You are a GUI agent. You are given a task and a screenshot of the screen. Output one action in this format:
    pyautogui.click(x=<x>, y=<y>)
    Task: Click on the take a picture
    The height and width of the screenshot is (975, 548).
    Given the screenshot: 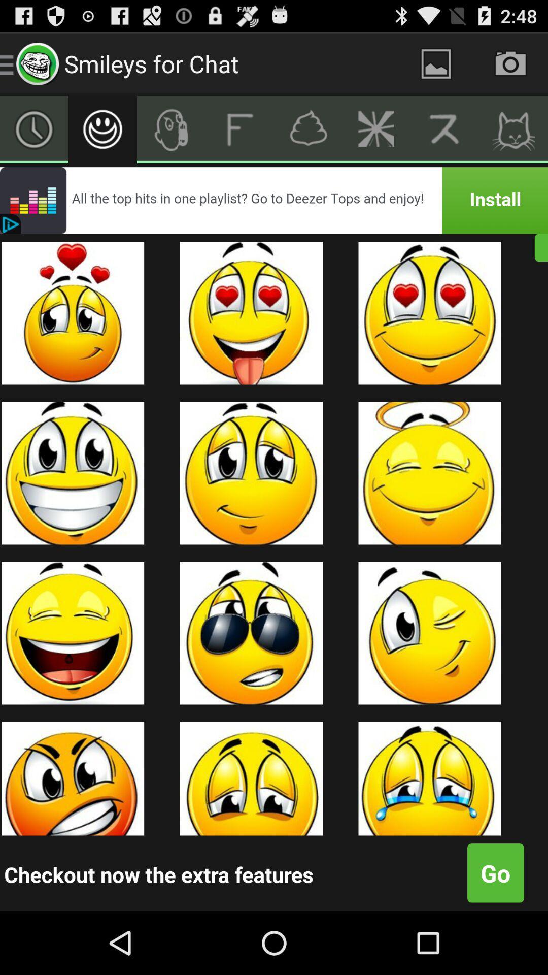 What is the action you would take?
    pyautogui.click(x=510, y=63)
    